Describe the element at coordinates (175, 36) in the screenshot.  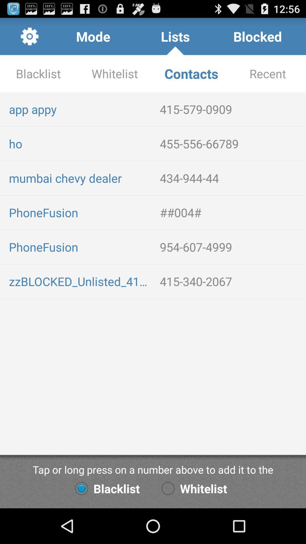
I see `the lists item` at that location.